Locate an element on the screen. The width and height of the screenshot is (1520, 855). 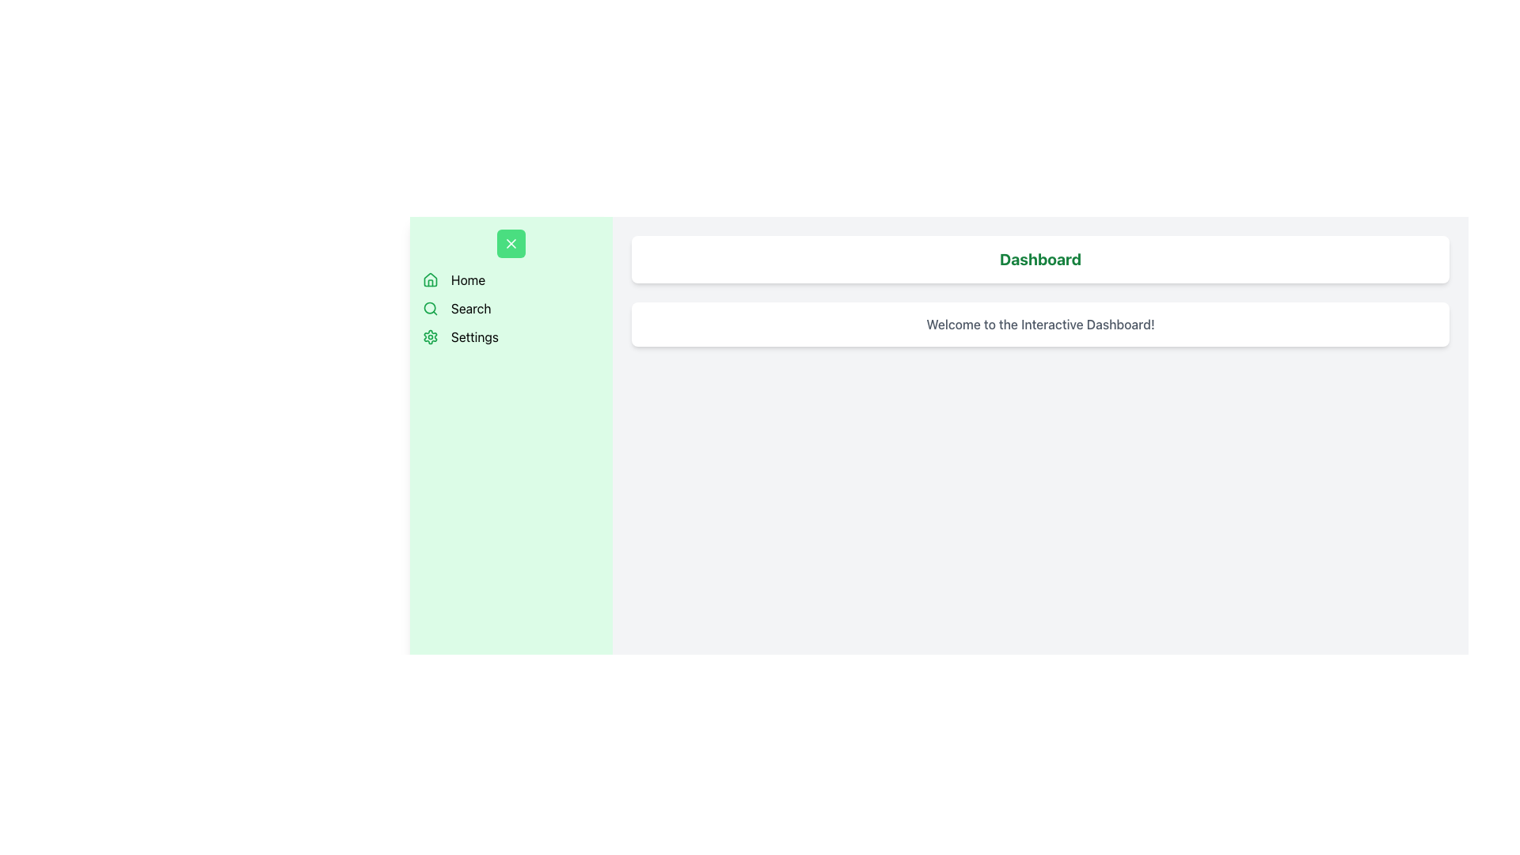
the 'Settings' icon located in the navigation menu on the left sidebar is located at coordinates (430, 336).